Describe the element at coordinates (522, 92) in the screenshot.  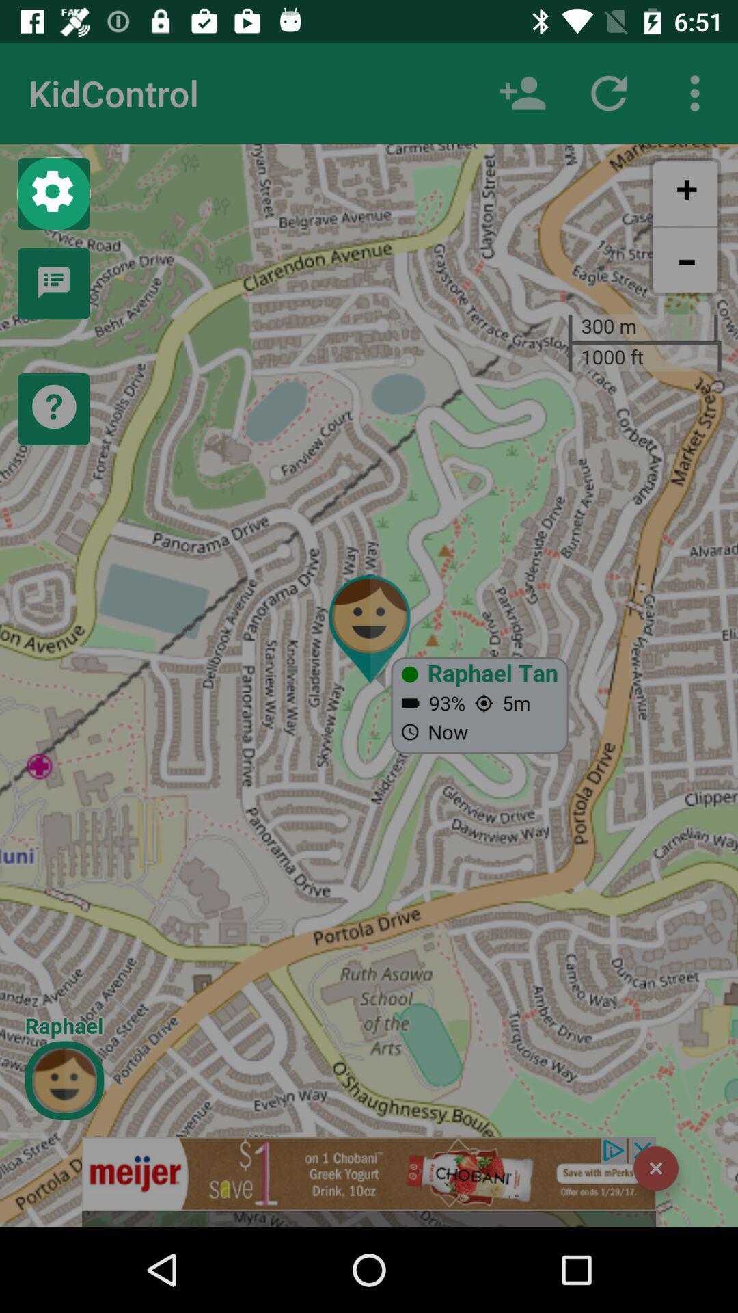
I see `new child` at that location.